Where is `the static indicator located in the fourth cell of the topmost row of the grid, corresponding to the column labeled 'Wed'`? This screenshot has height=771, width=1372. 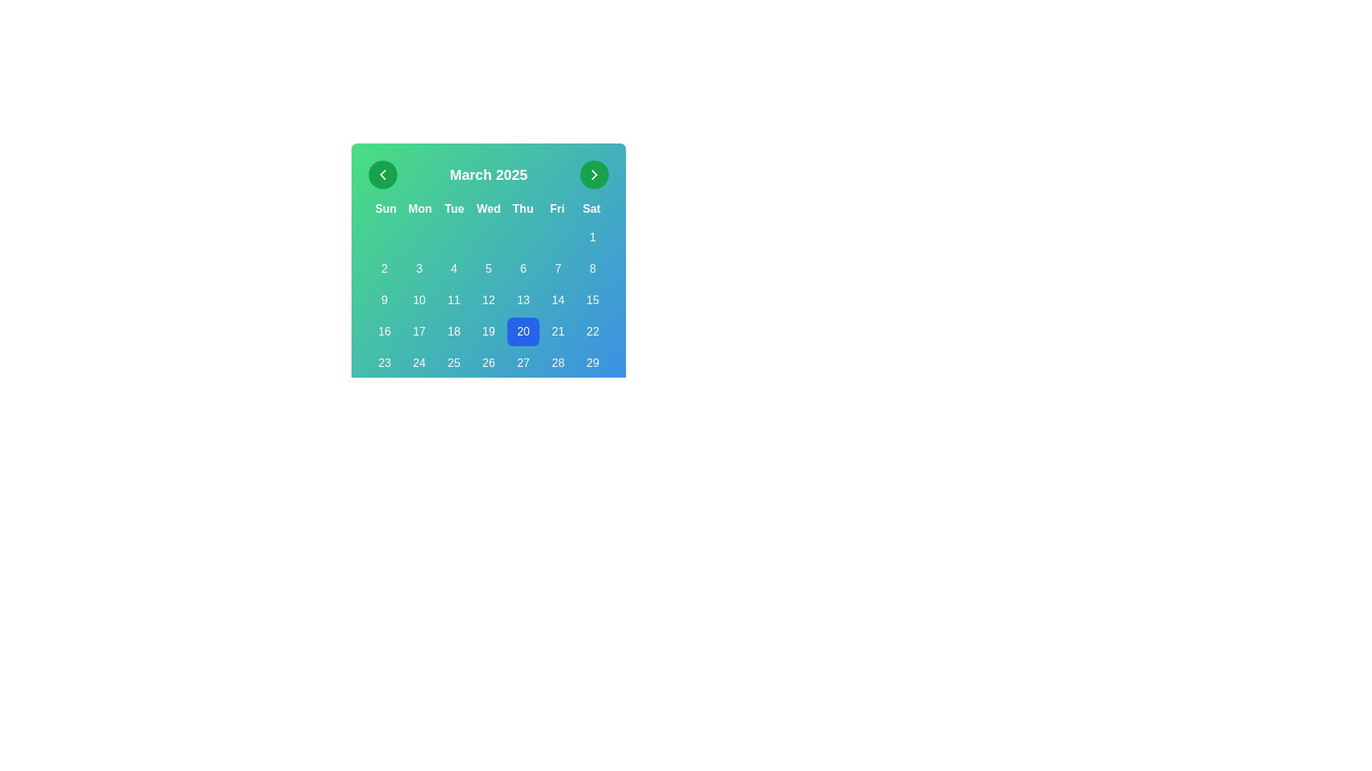
the static indicator located in the fourth cell of the topmost row of the grid, corresponding to the column labeled 'Wed' is located at coordinates (488, 236).